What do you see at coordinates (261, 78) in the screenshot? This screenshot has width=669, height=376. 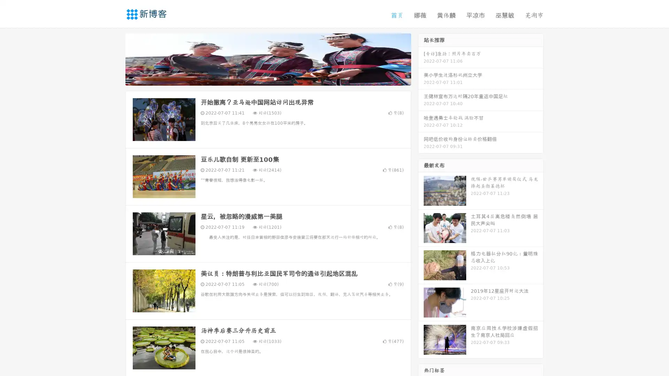 I see `Go to slide 1` at bounding box center [261, 78].